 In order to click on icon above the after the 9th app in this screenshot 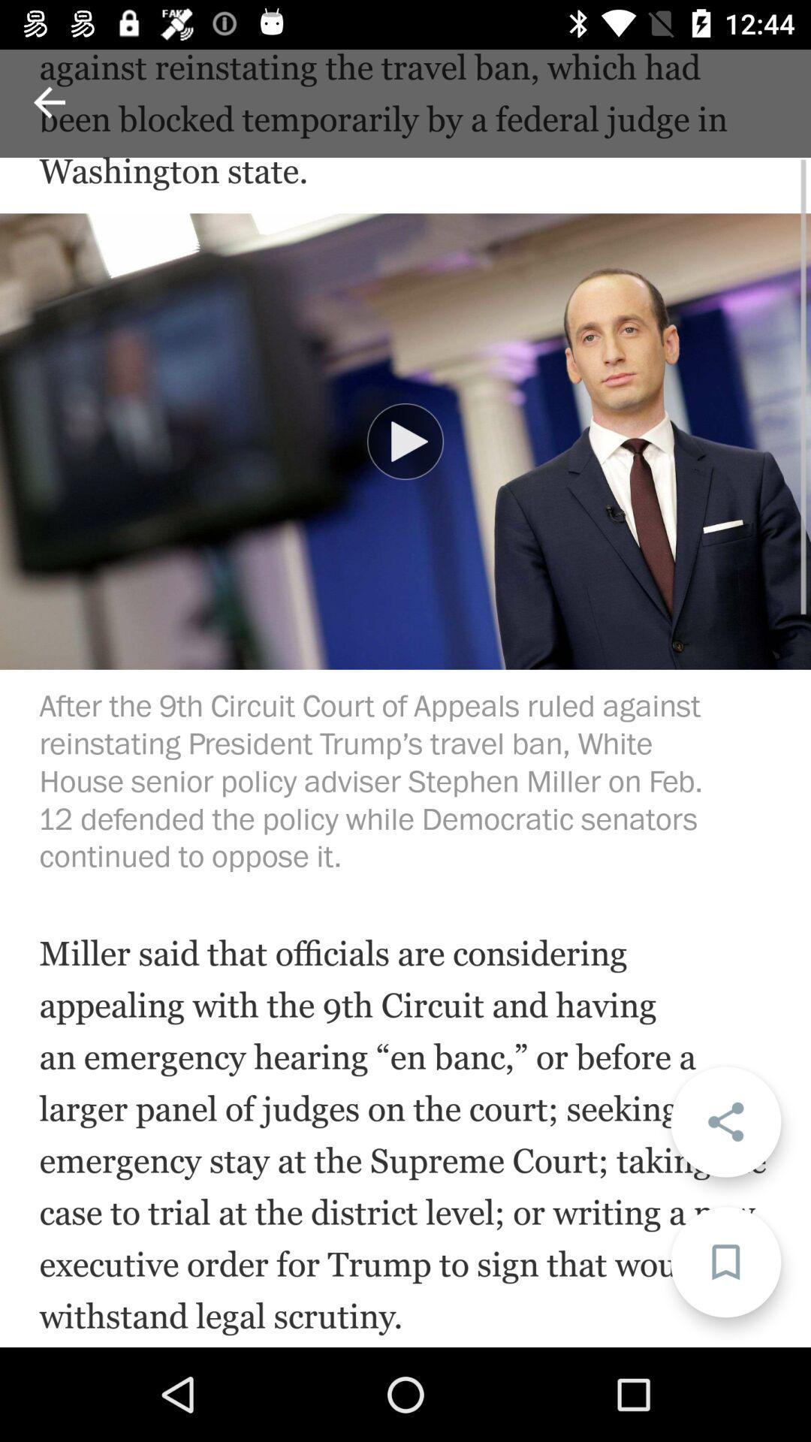, I will do `click(405, 441)`.